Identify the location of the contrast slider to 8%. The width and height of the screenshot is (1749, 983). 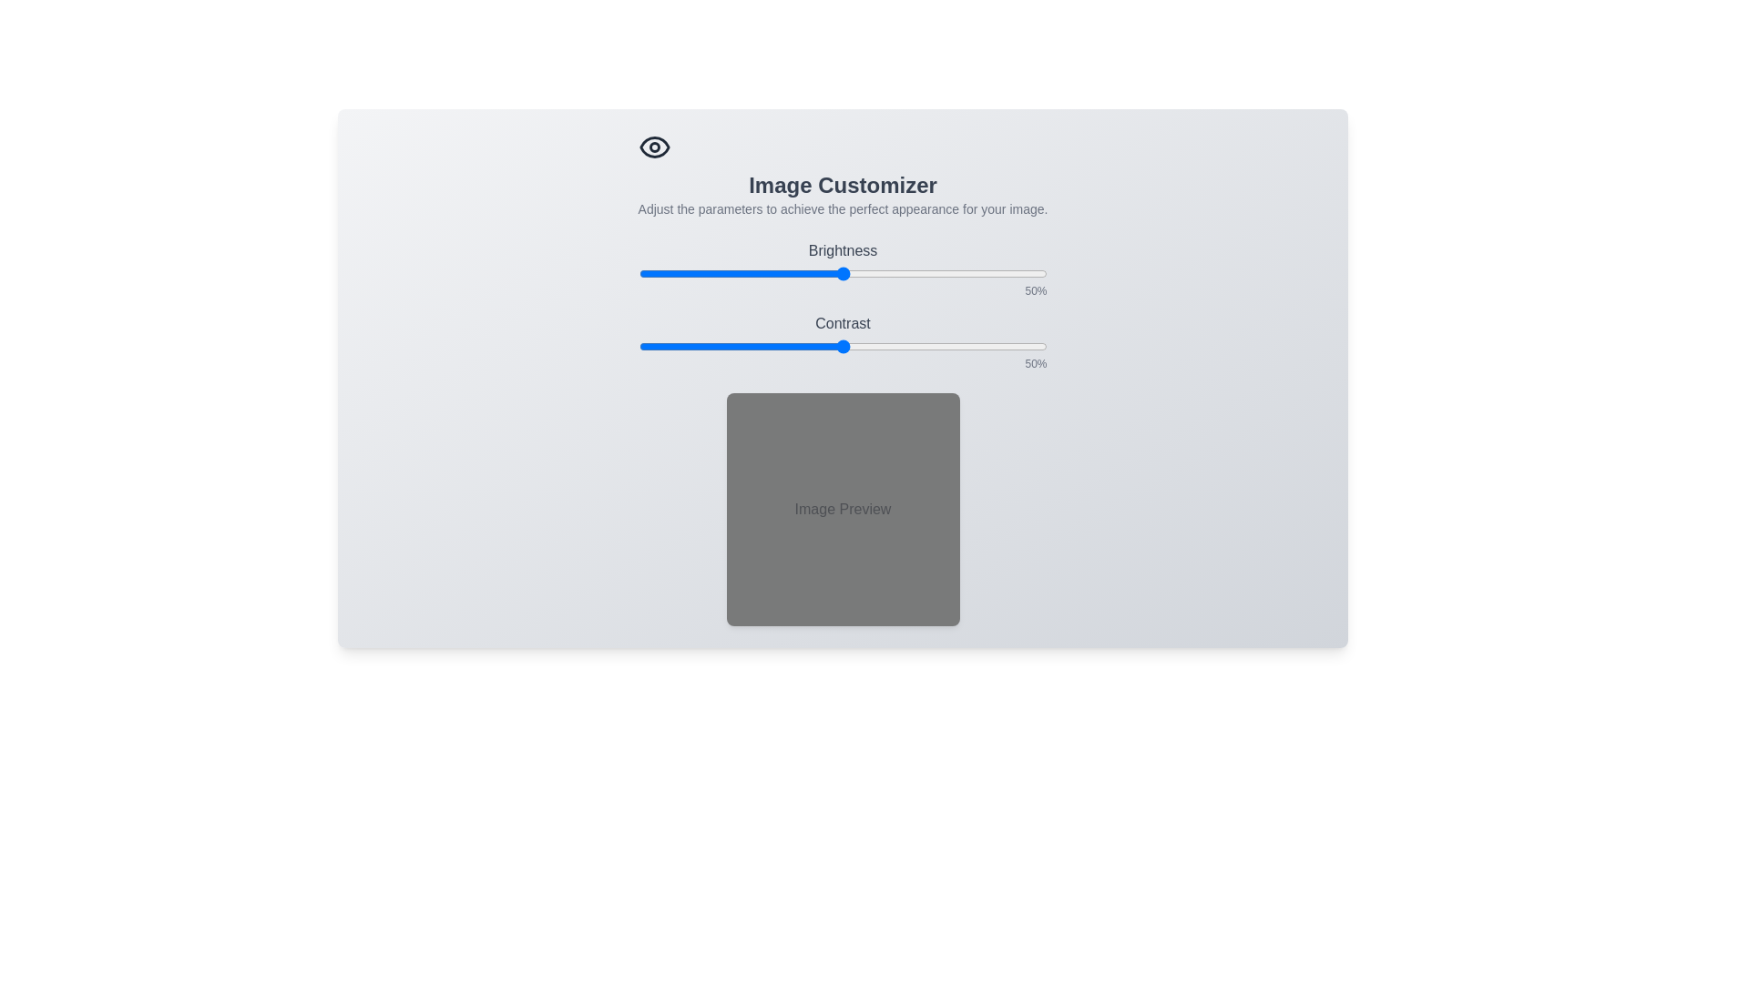
(670, 347).